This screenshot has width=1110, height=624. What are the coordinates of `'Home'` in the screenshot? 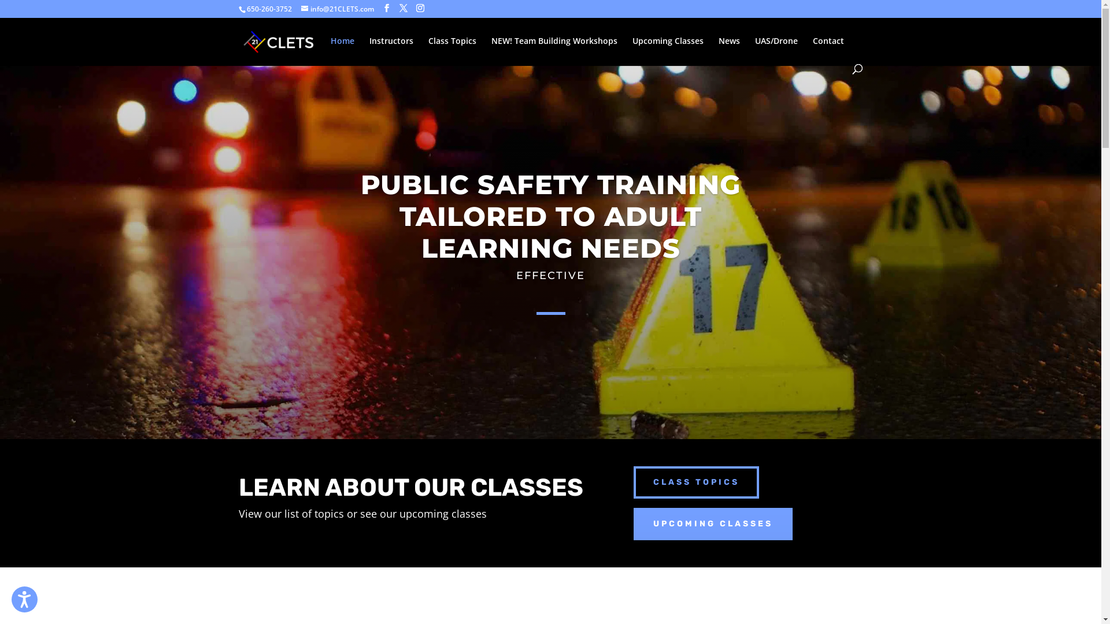 It's located at (342, 50).